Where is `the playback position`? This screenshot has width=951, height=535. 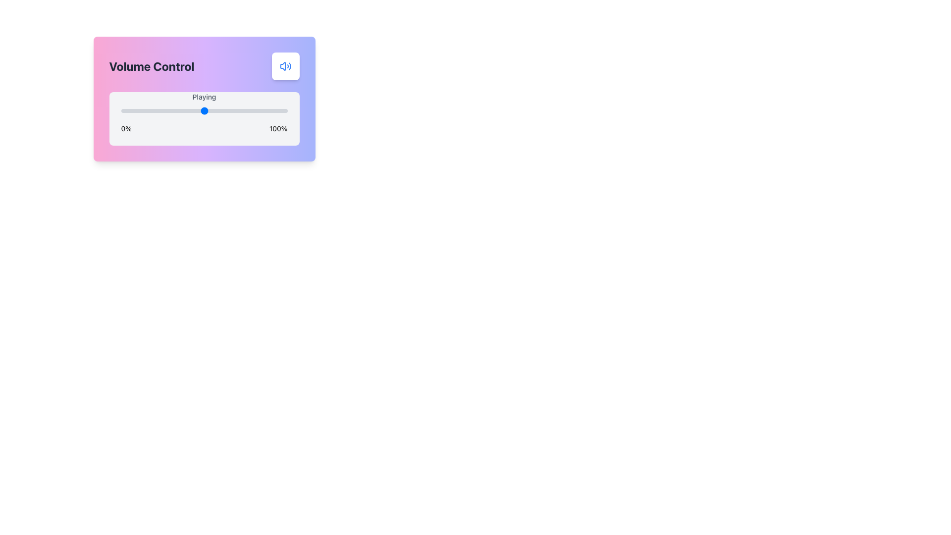
the playback position is located at coordinates (182, 110).